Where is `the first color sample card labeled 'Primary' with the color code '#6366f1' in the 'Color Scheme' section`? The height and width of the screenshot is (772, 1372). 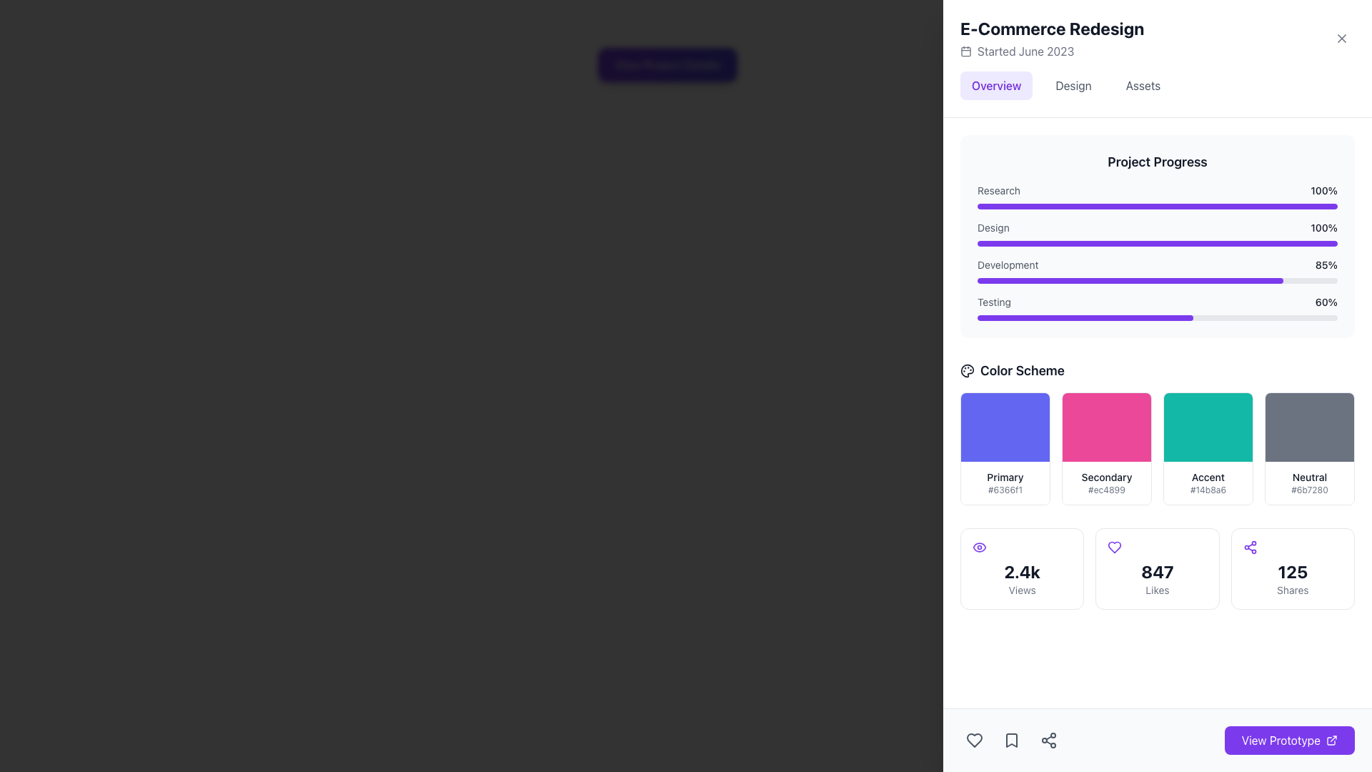 the first color sample card labeled 'Primary' with the color code '#6366f1' in the 'Color Scheme' section is located at coordinates (1004, 448).